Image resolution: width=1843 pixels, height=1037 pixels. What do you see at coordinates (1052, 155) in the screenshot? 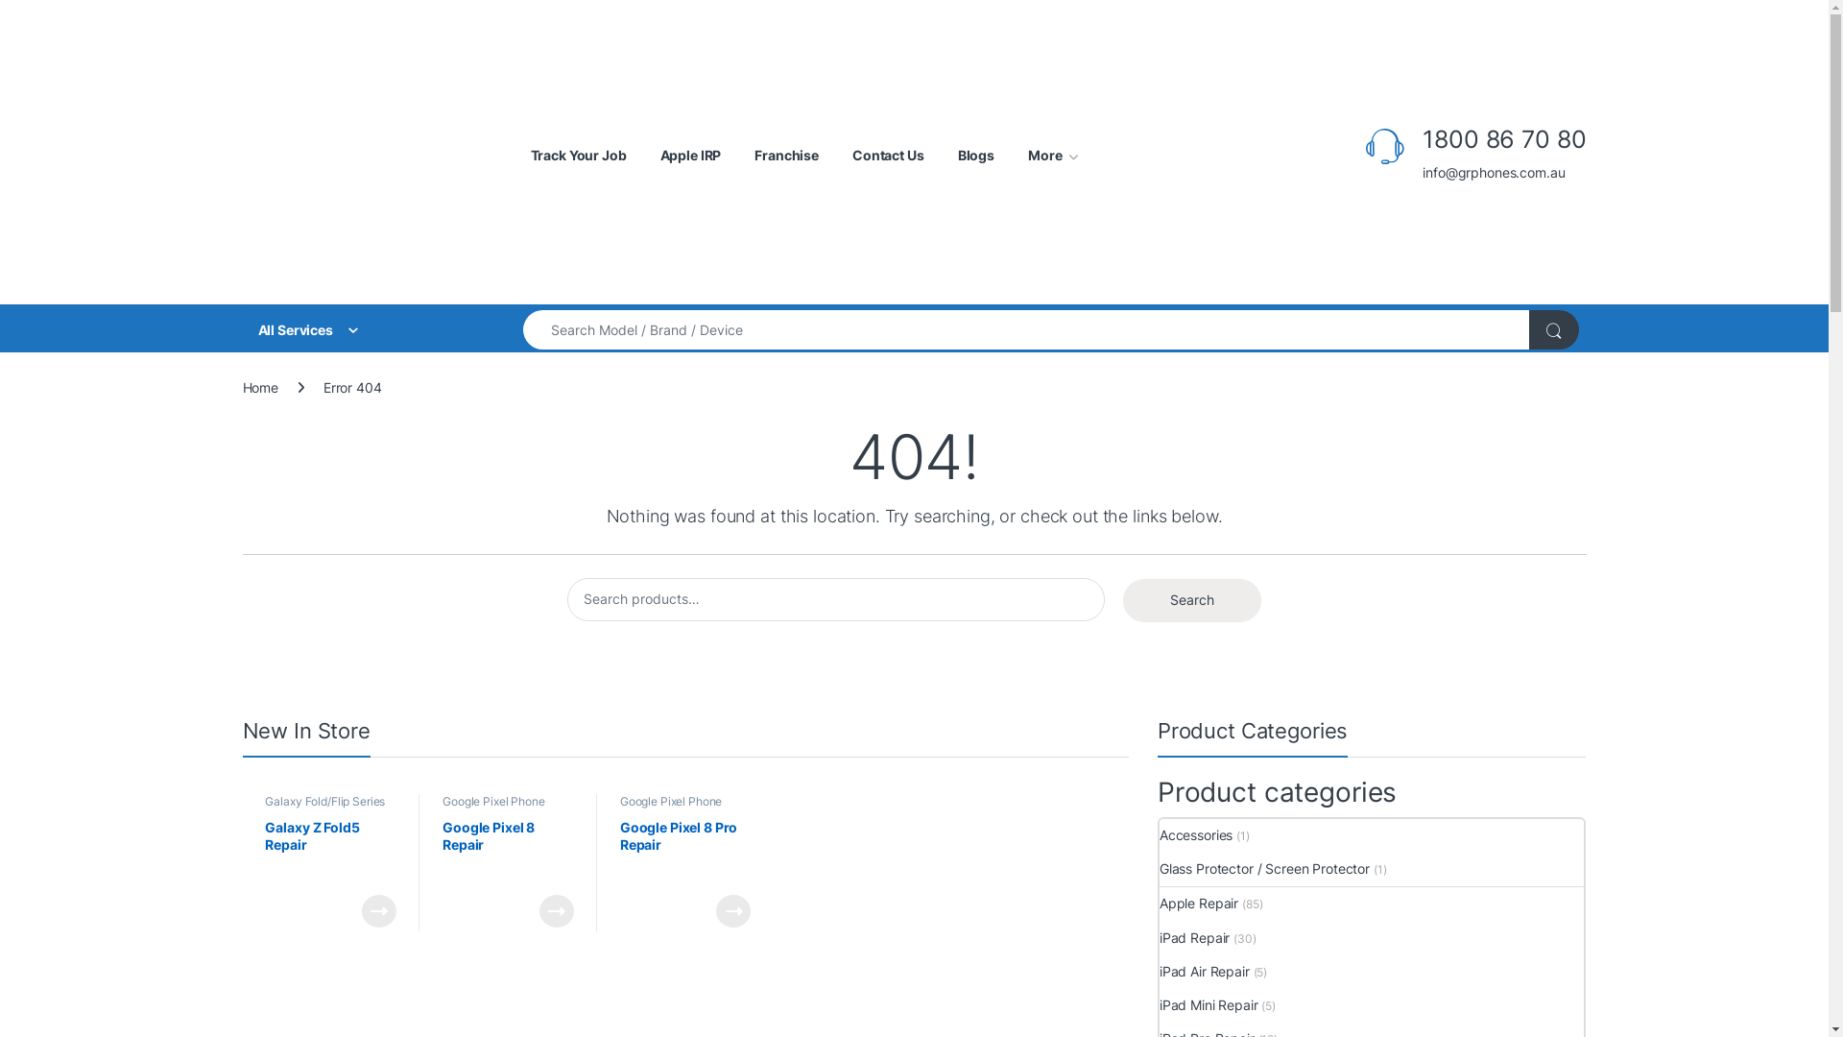
I see `'More'` at bounding box center [1052, 155].